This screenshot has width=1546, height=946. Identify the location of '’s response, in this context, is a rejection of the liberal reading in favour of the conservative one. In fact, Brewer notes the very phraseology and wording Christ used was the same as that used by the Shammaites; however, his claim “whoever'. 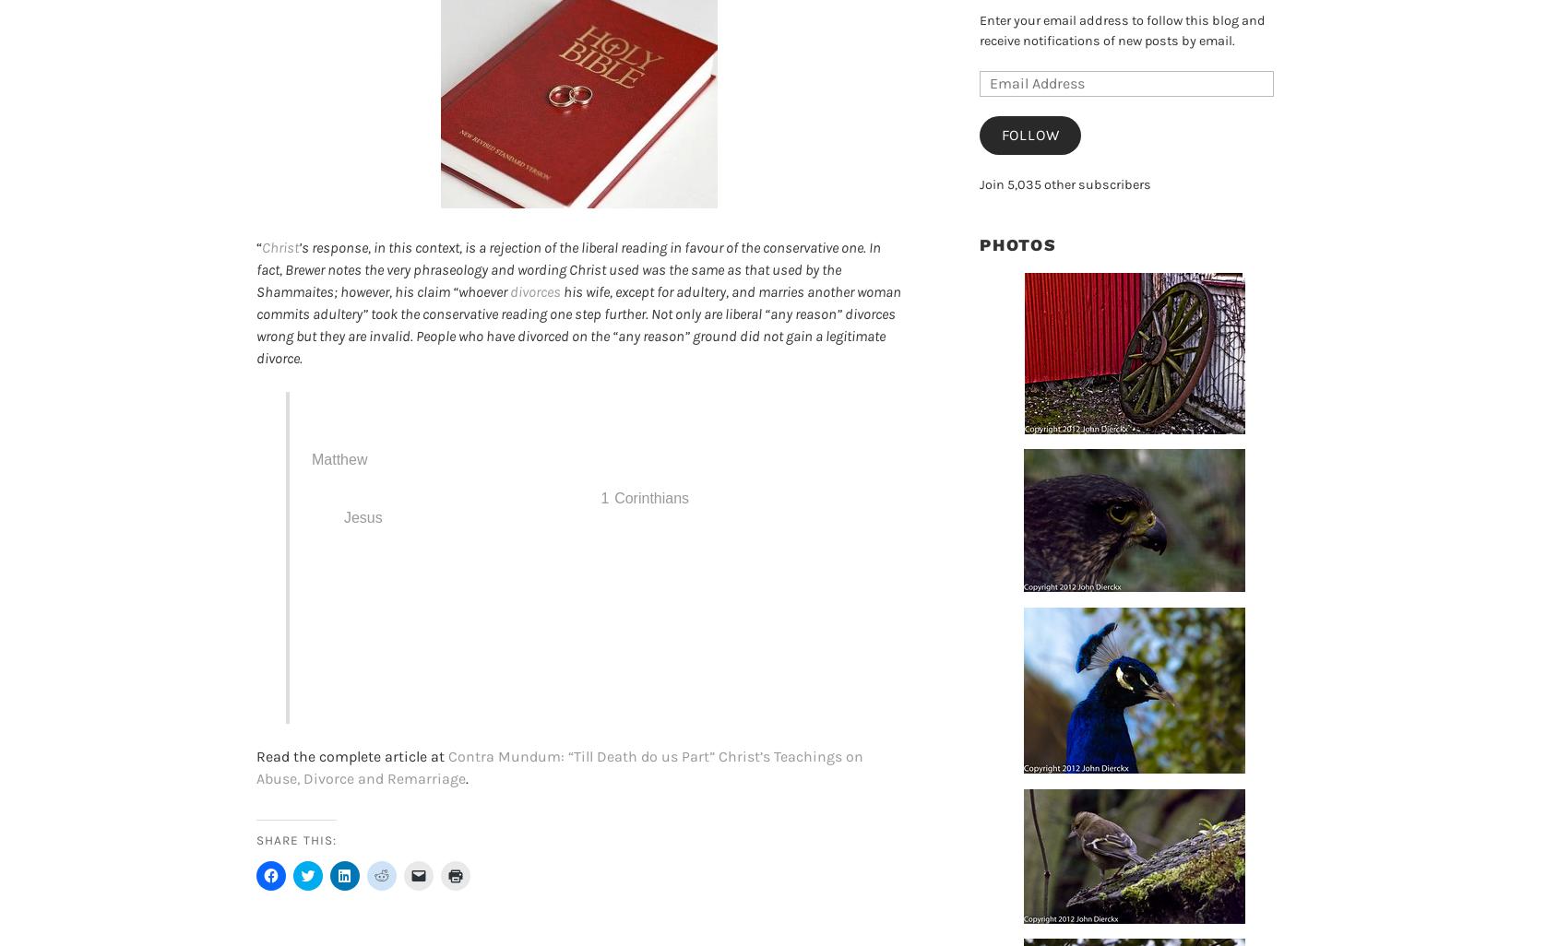
(568, 268).